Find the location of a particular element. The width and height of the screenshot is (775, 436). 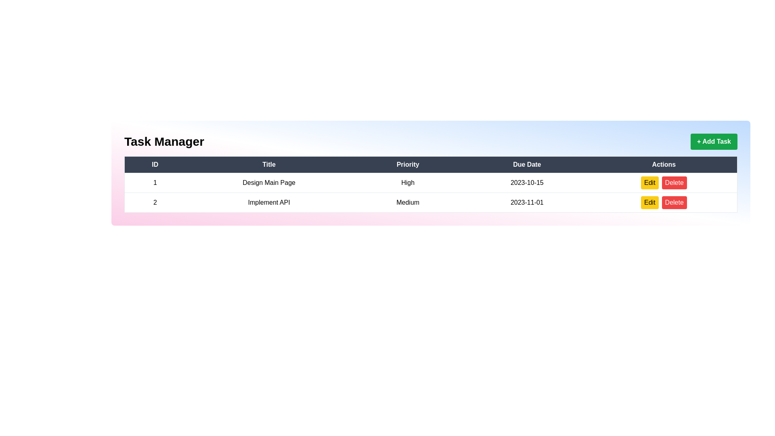

the static text element displaying the unique identifier (ID) of the task in the second table row of the ID column, which is the first cell in its row is located at coordinates (155, 202).